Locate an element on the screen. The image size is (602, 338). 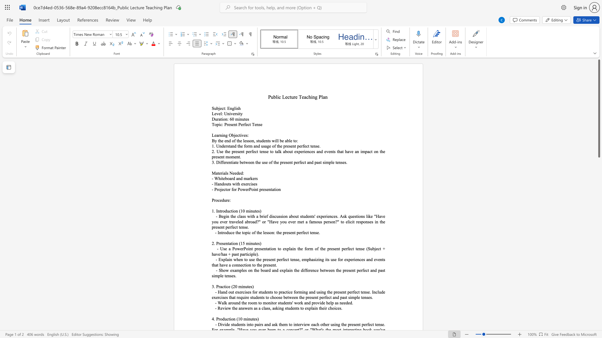
the 1th character "h" in the text is located at coordinates (243, 302).